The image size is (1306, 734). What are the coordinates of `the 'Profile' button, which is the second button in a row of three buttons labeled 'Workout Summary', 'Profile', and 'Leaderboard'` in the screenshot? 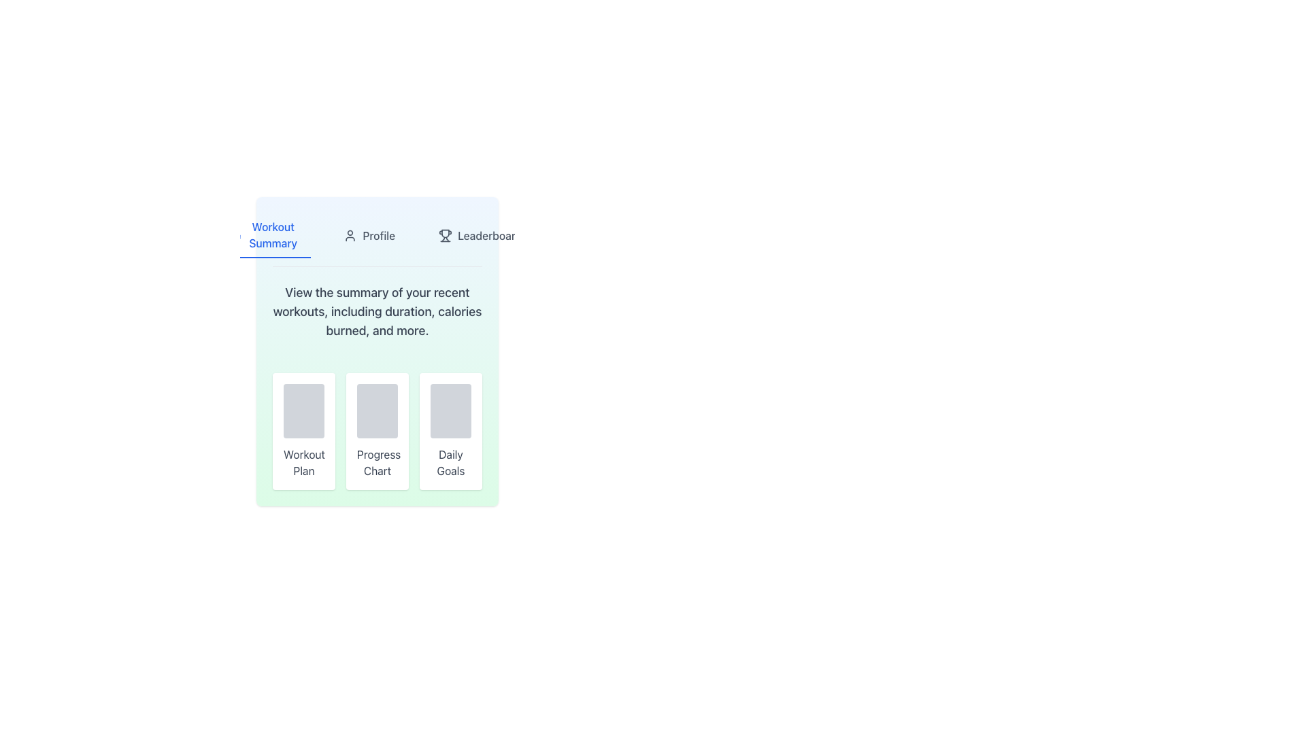 It's located at (369, 235).